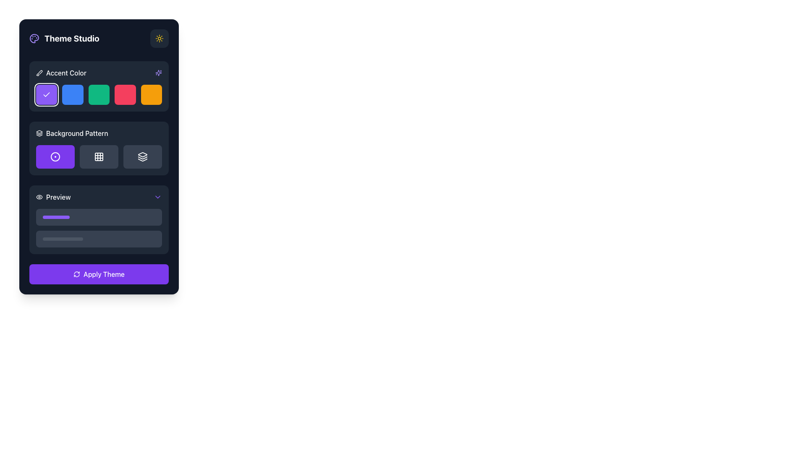  Describe the element at coordinates (39, 197) in the screenshot. I see `the 'view' icon located in the 'Preview' section, which is positioned to the left of the 'Preview' text` at that location.